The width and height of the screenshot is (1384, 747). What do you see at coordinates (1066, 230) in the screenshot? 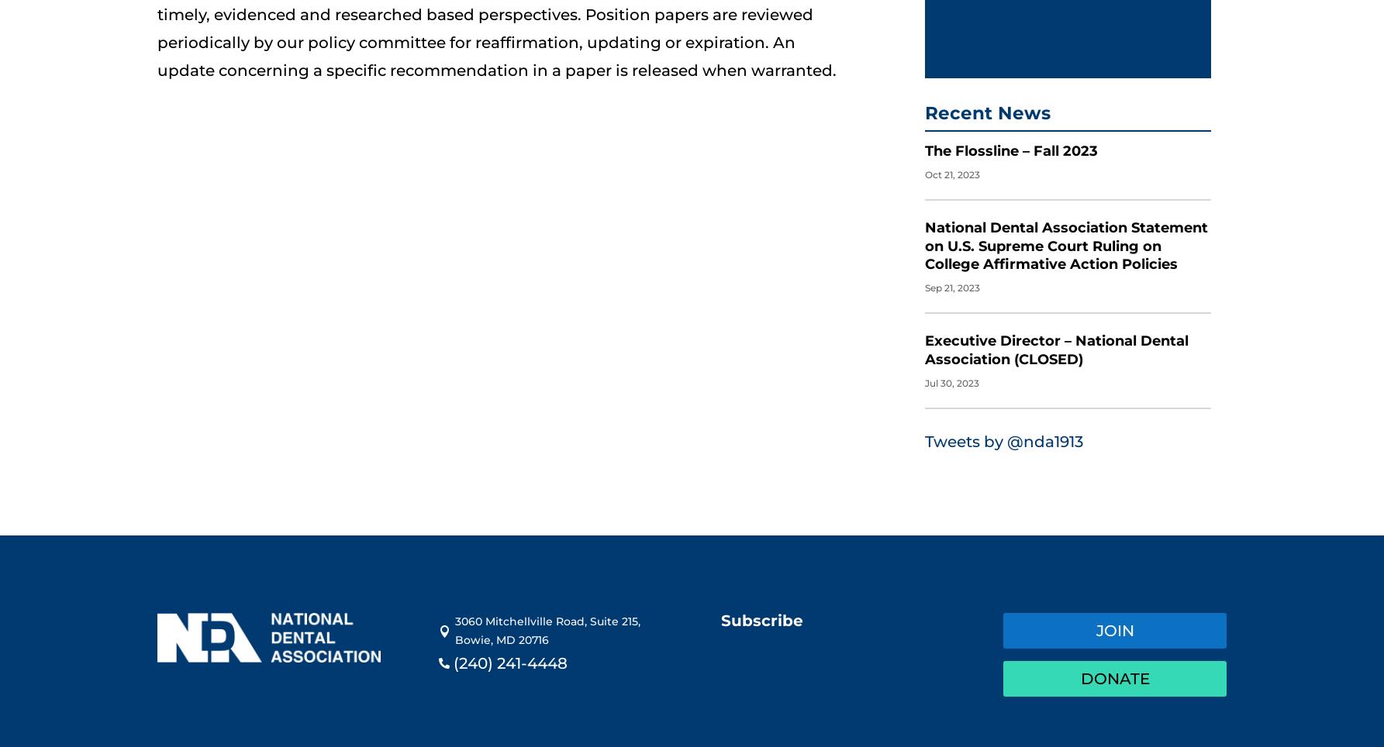
I see `'National Dental Association Statement on U.S. Supreme Court Ruling on College Affirmative Action Policies'` at bounding box center [1066, 230].